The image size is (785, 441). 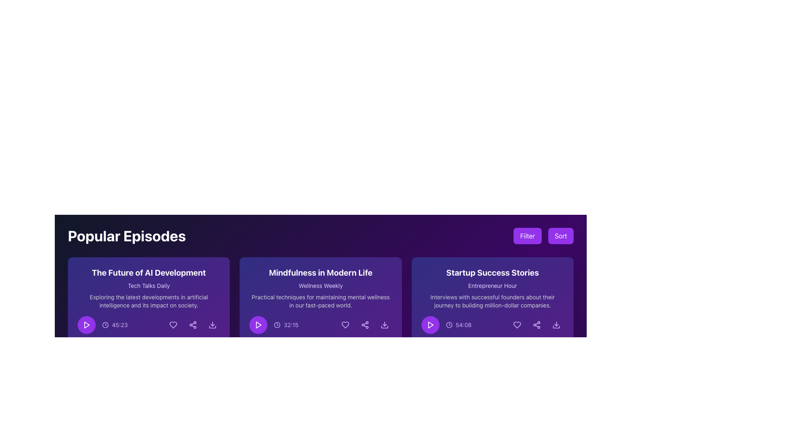 What do you see at coordinates (149, 312) in the screenshot?
I see `the download icon located at the bottom of the card titled 'The Future of AI Development'` at bounding box center [149, 312].